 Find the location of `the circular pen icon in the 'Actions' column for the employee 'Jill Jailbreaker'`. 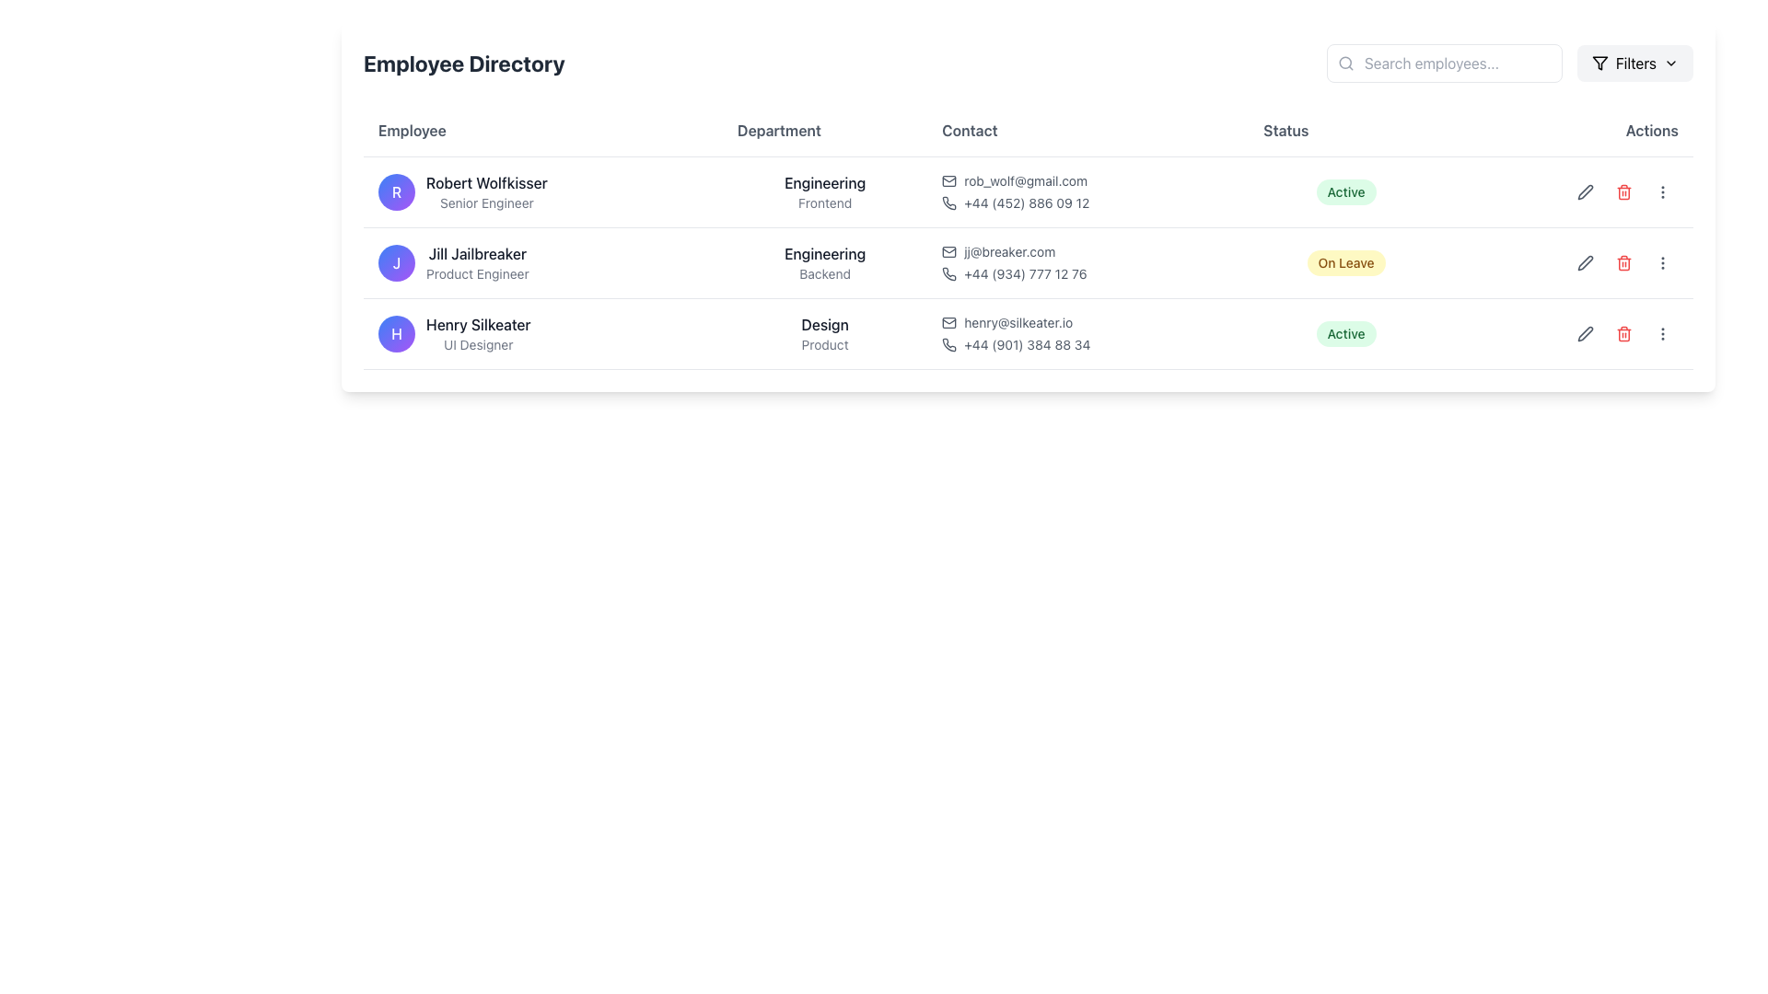

the circular pen icon in the 'Actions' column for the employee 'Jill Jailbreaker' is located at coordinates (1567, 262).